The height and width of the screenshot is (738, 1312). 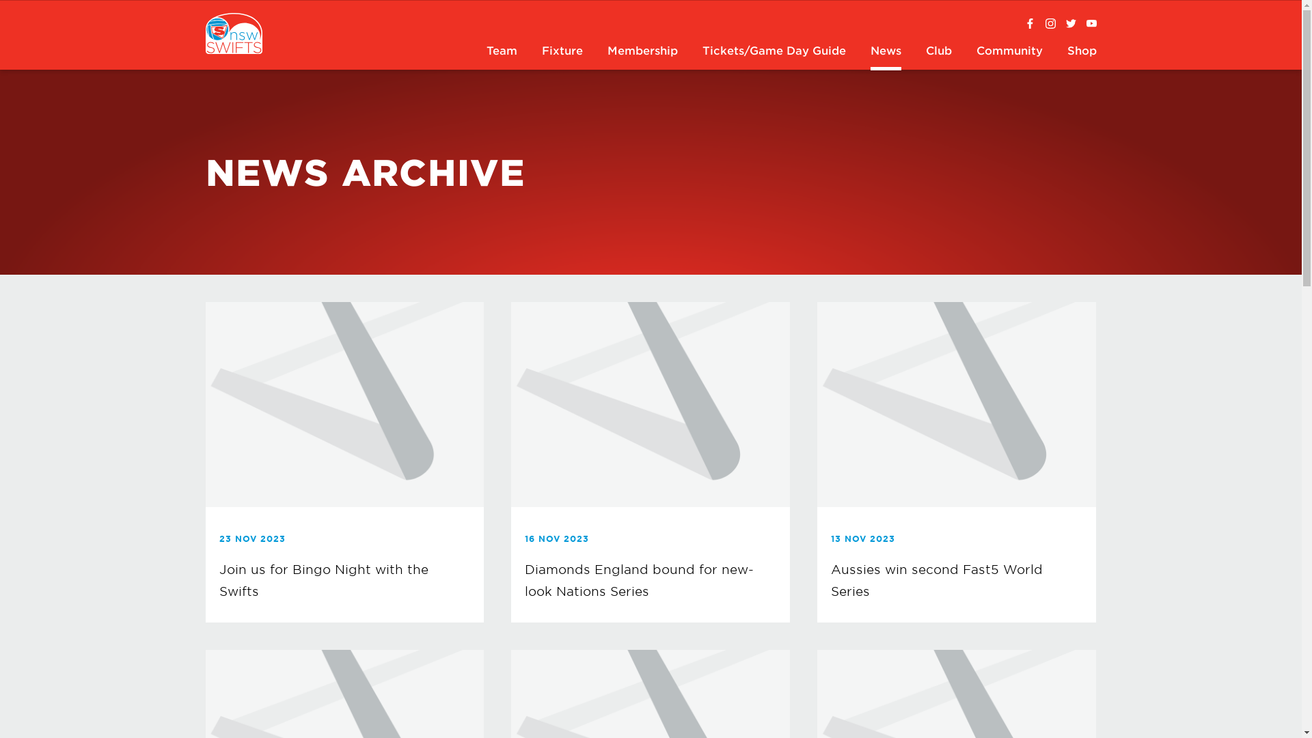 What do you see at coordinates (938, 51) in the screenshot?
I see `'Club'` at bounding box center [938, 51].